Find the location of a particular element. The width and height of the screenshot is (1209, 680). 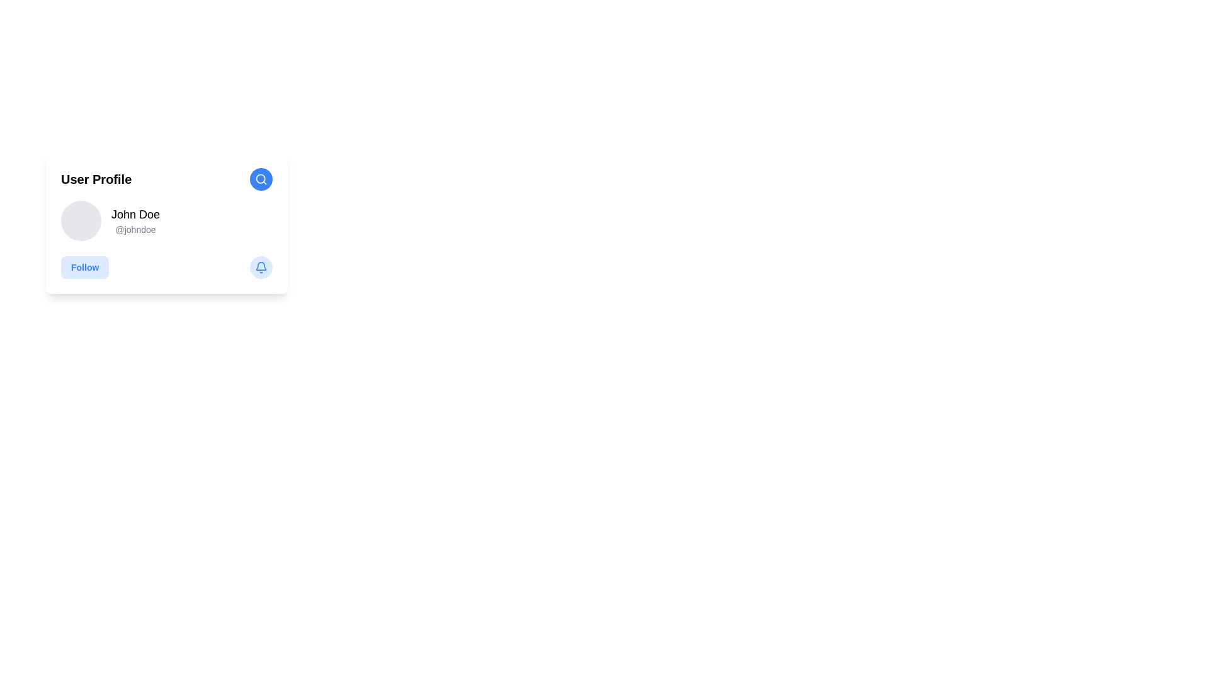

the 'Follow' button, which is a rounded button with a light blue background and bold blue text, located at the bottom-left of the user profile section is located at coordinates (84, 266).